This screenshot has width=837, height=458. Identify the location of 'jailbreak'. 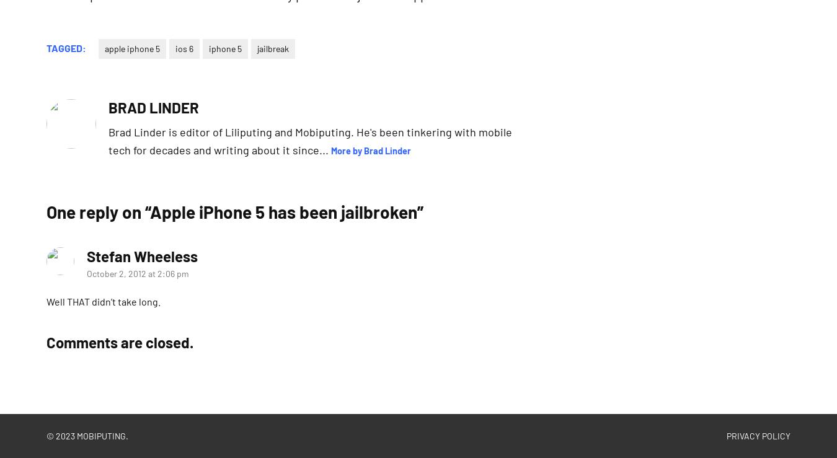
(273, 47).